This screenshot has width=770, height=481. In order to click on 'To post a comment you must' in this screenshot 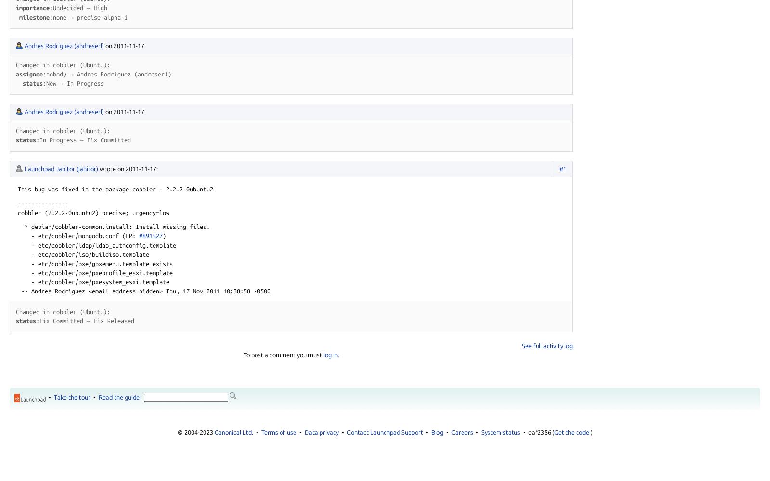, I will do `click(242, 354)`.